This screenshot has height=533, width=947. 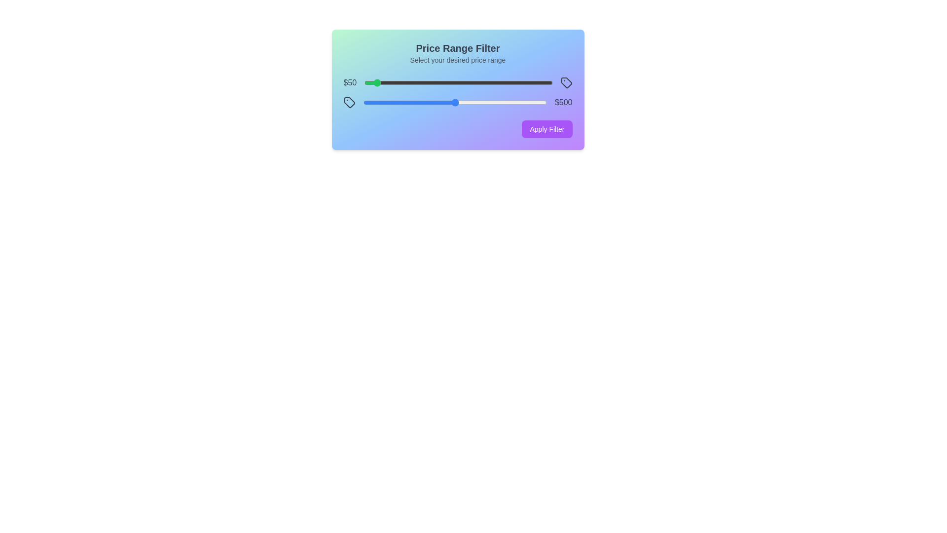 I want to click on the maximum price slider to 589, so click(x=471, y=103).